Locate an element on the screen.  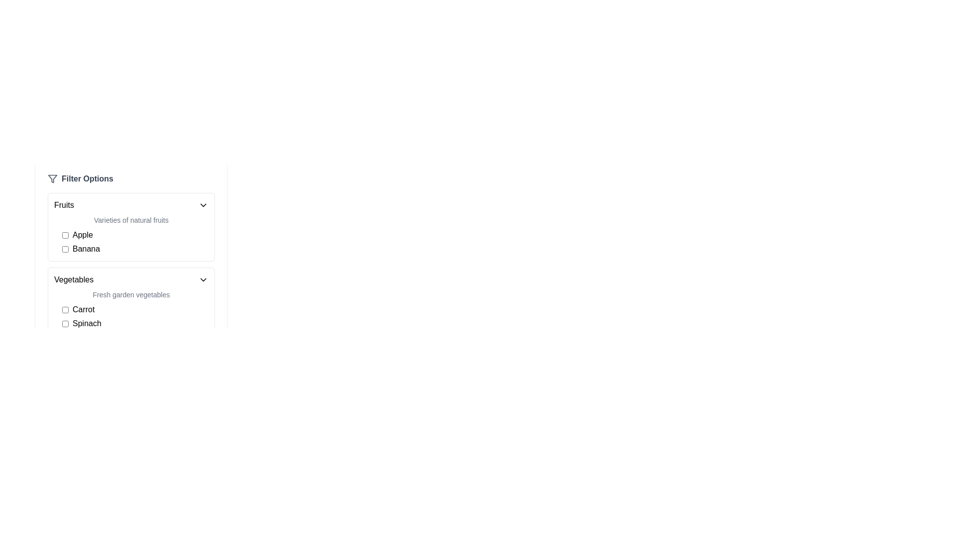
the Dropdown toggle icon located at the bottom-right corner of the 'Vegetables' section header is located at coordinates (202, 280).